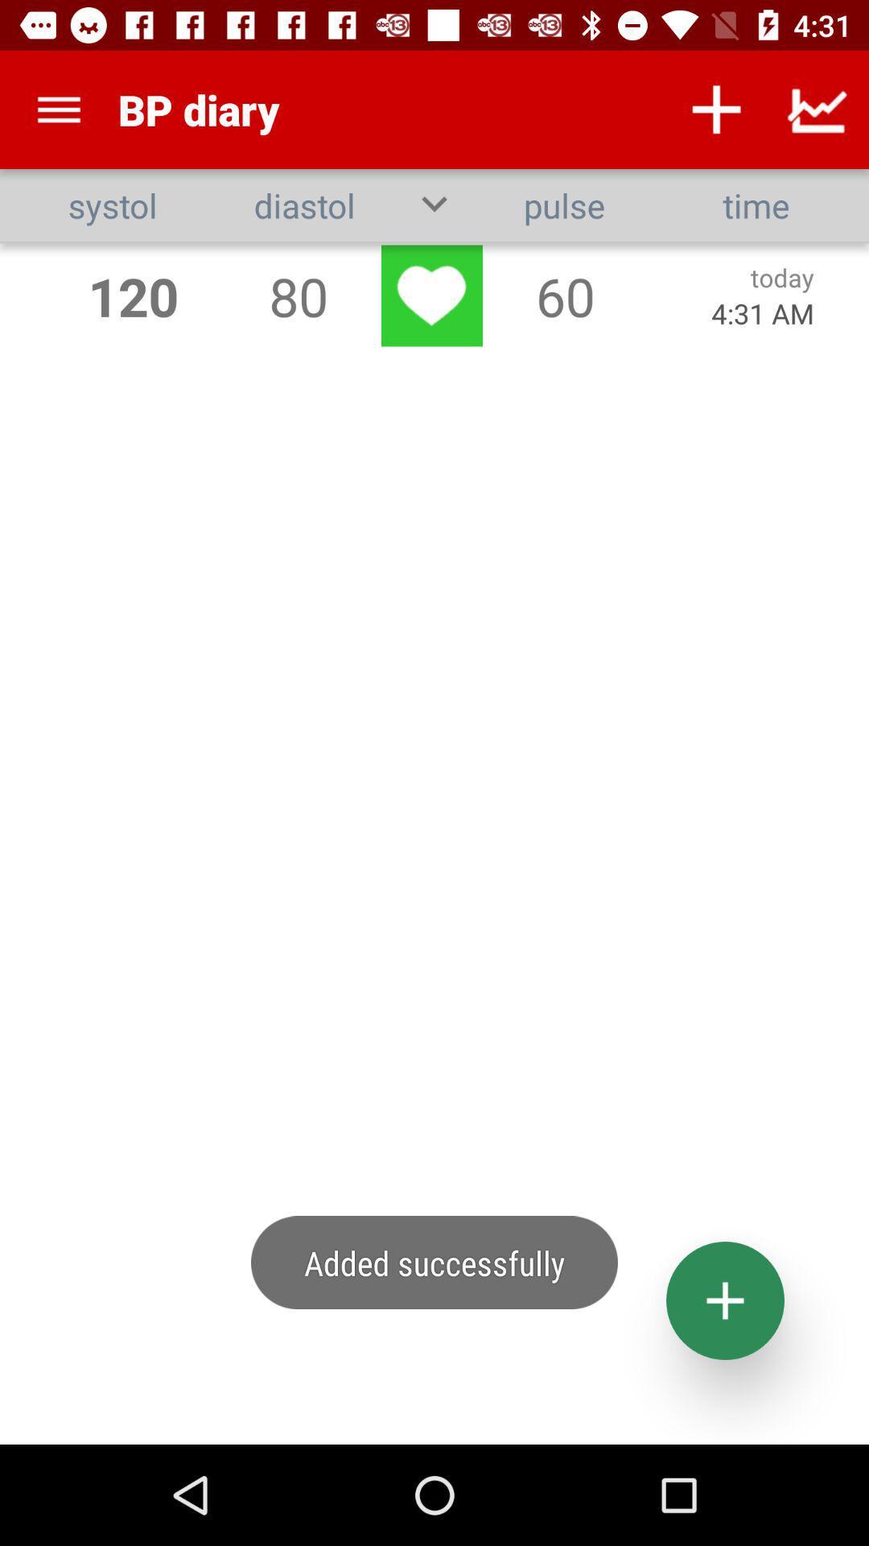 The height and width of the screenshot is (1546, 869). Describe the element at coordinates (58, 109) in the screenshot. I see `the app above too few records` at that location.